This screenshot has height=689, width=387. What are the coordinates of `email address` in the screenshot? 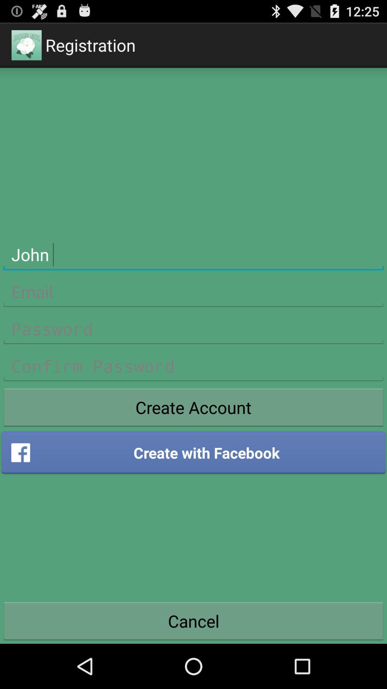 It's located at (193, 292).